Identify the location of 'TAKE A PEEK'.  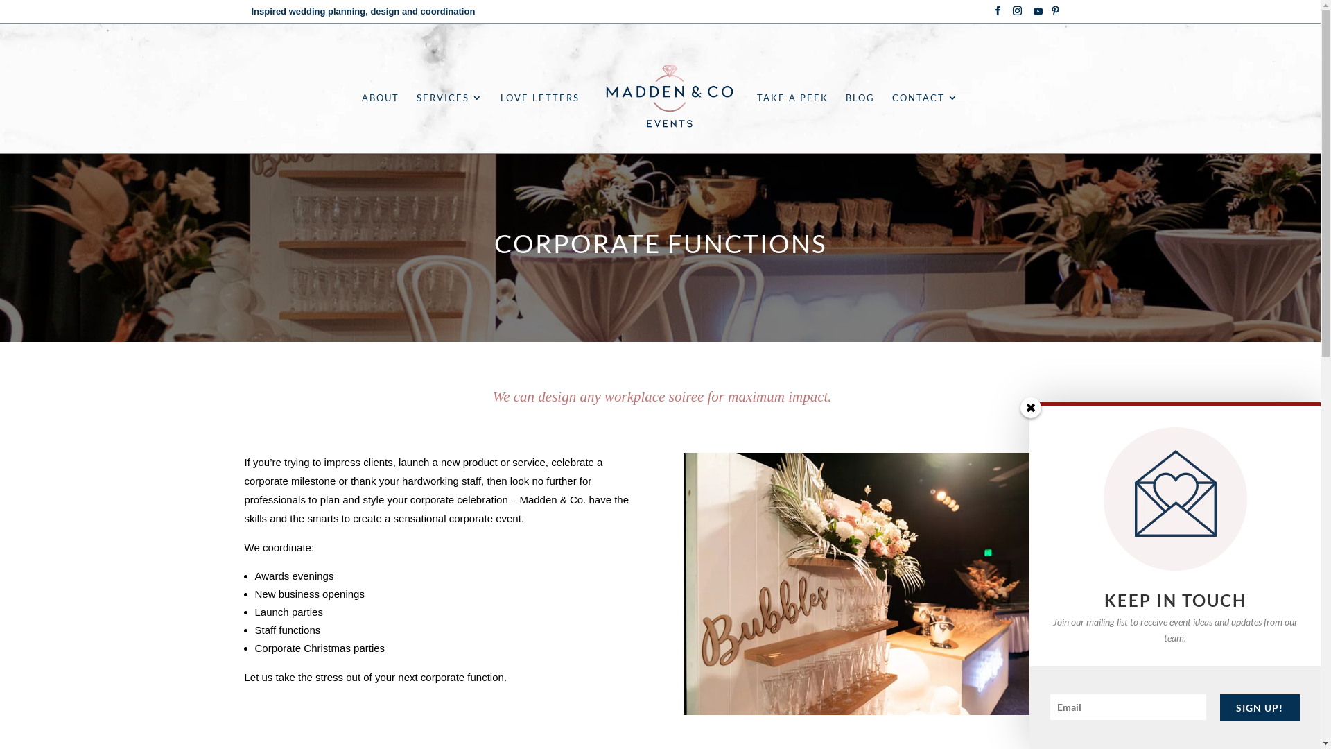
(792, 122).